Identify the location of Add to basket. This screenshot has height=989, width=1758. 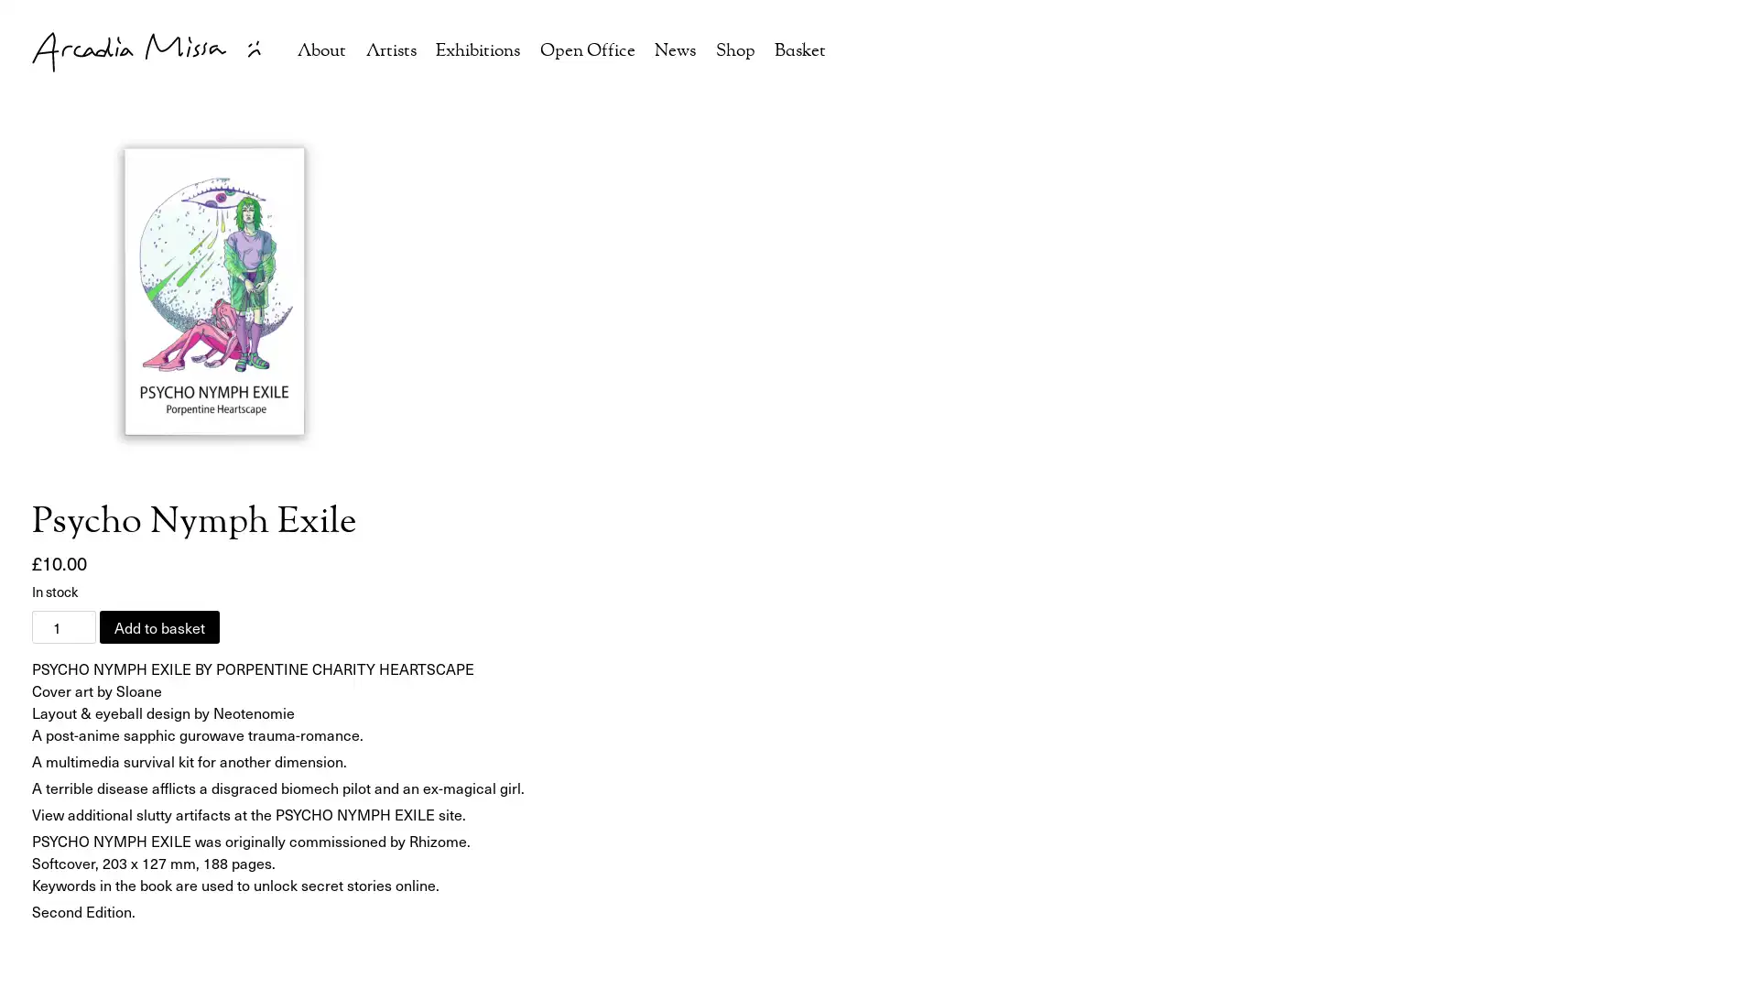
(159, 625).